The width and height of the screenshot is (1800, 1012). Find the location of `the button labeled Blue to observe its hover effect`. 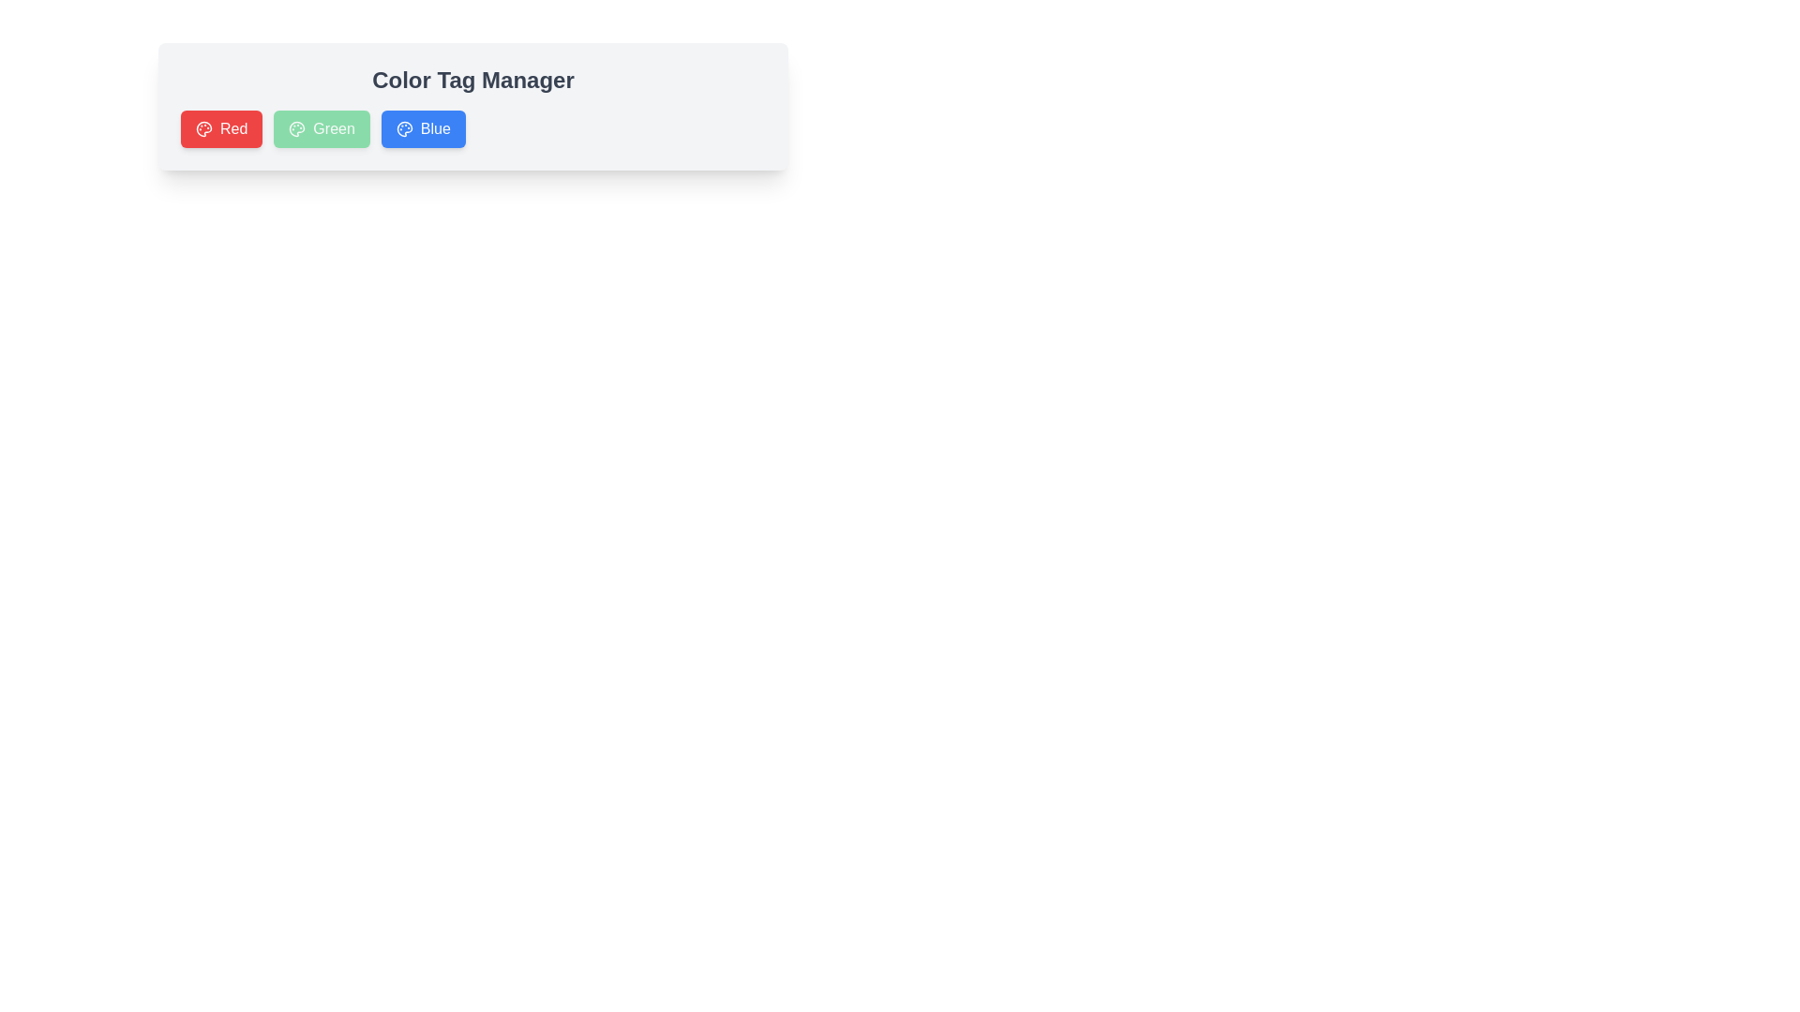

the button labeled Blue to observe its hover effect is located at coordinates (422, 128).